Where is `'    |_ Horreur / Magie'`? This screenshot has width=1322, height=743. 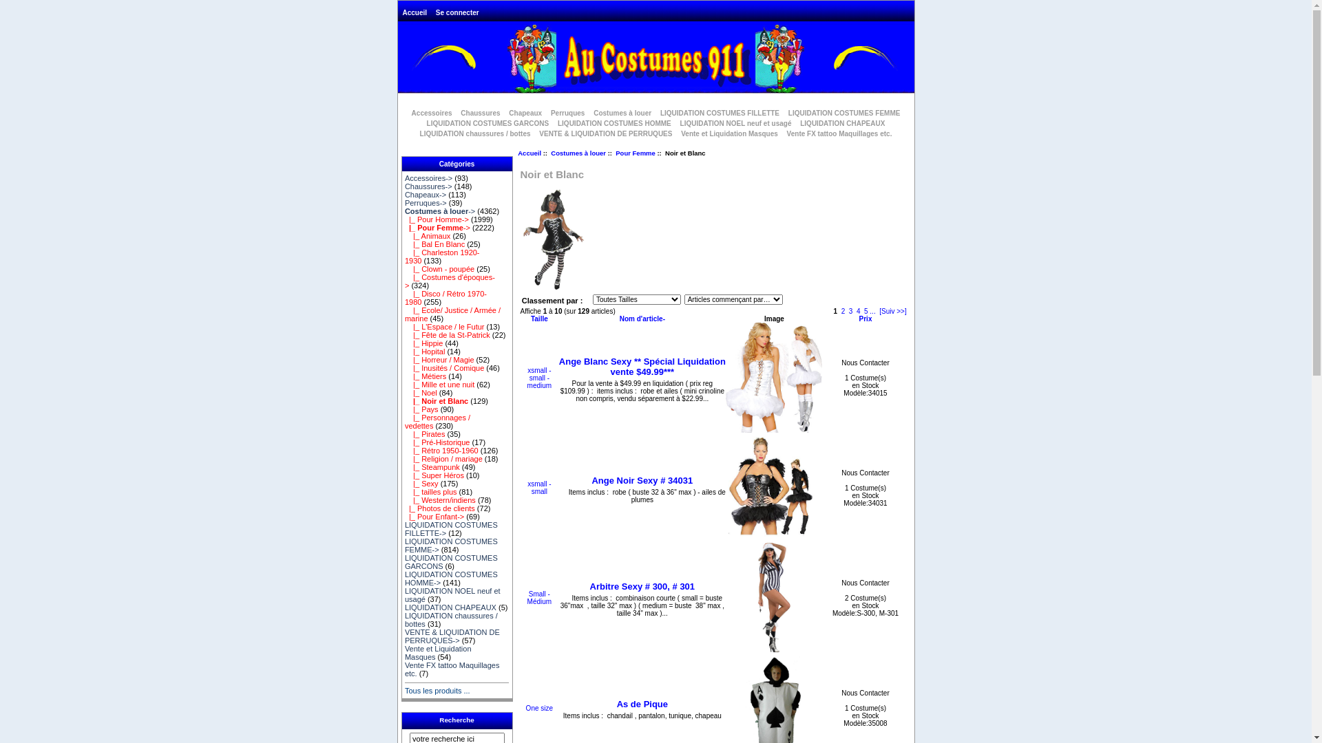
'    |_ Horreur / Magie' is located at coordinates (439, 359).